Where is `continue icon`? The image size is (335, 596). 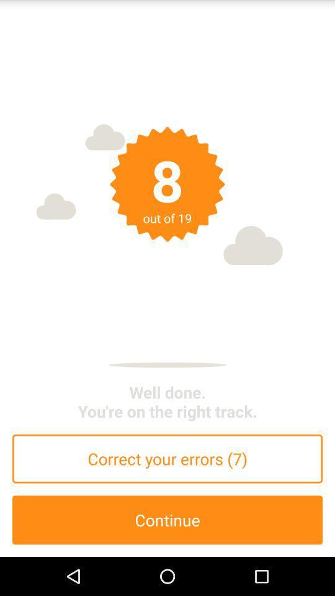
continue icon is located at coordinates (167, 520).